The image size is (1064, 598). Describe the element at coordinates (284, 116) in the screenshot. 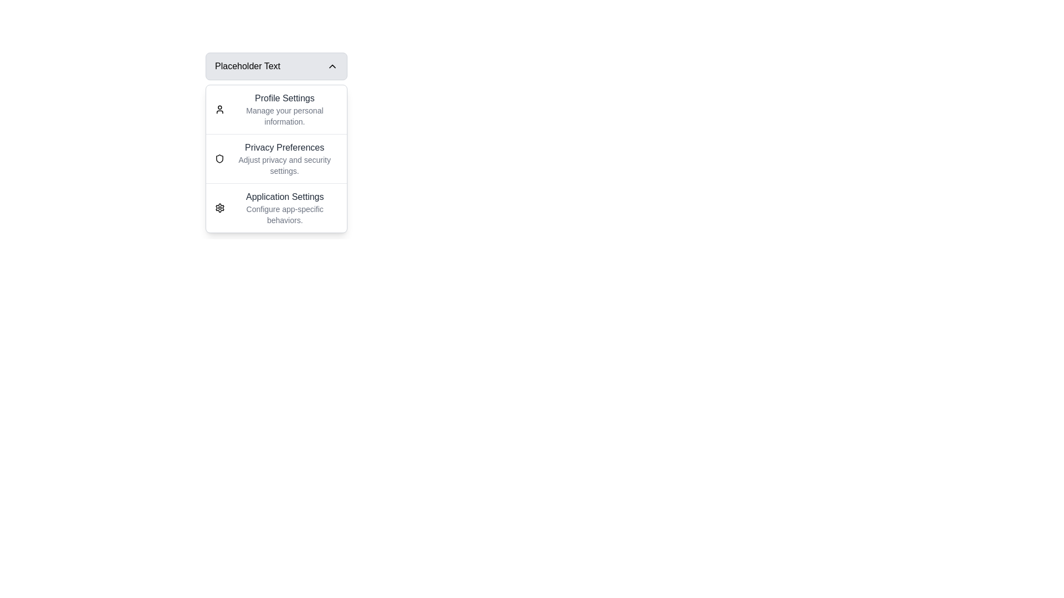

I see `the text label that reads 'Manage your personal information.' which is located directly under 'Profile Settings' in the dropdown menu` at that location.